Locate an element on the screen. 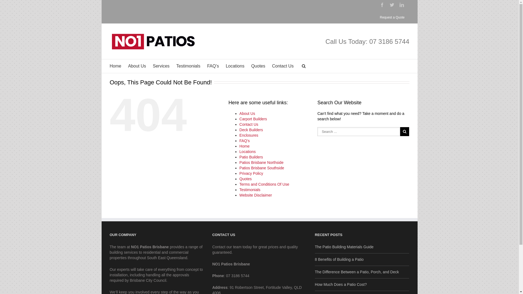 This screenshot has width=523, height=294. 'Privacy Policy' is located at coordinates (239, 173).